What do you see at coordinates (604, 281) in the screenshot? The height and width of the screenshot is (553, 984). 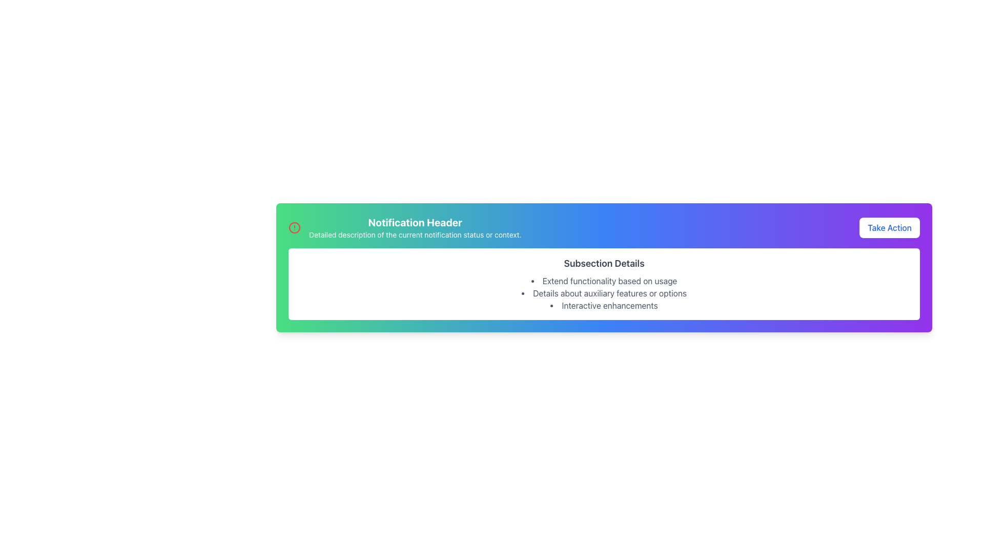 I see `the descriptive list item located at the first position under the header 'Subsection Details', which provides additional information about the section` at bounding box center [604, 281].